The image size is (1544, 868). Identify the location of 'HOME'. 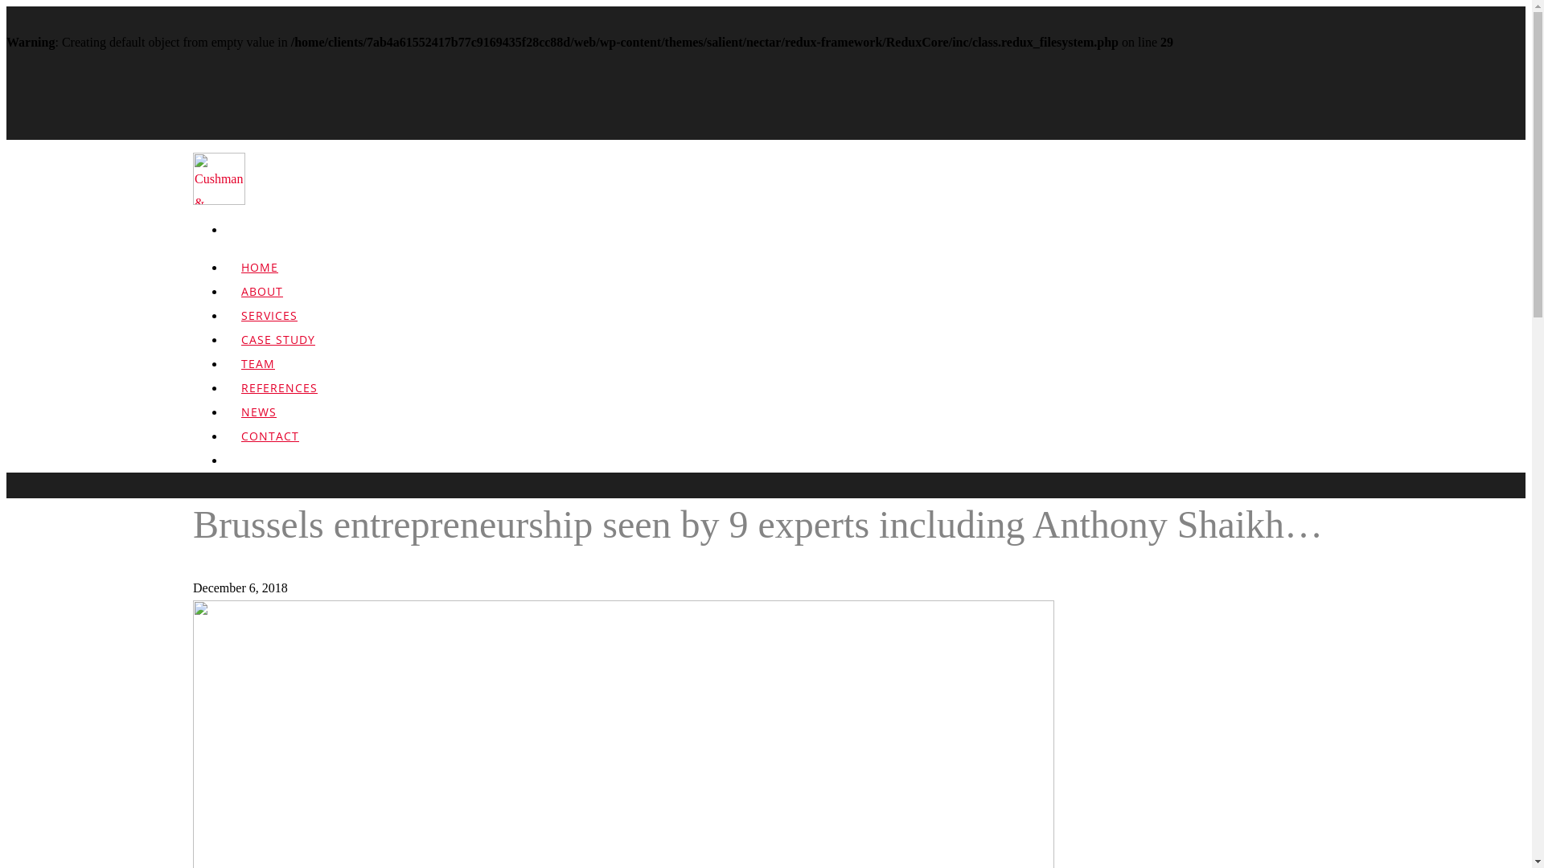
(259, 277).